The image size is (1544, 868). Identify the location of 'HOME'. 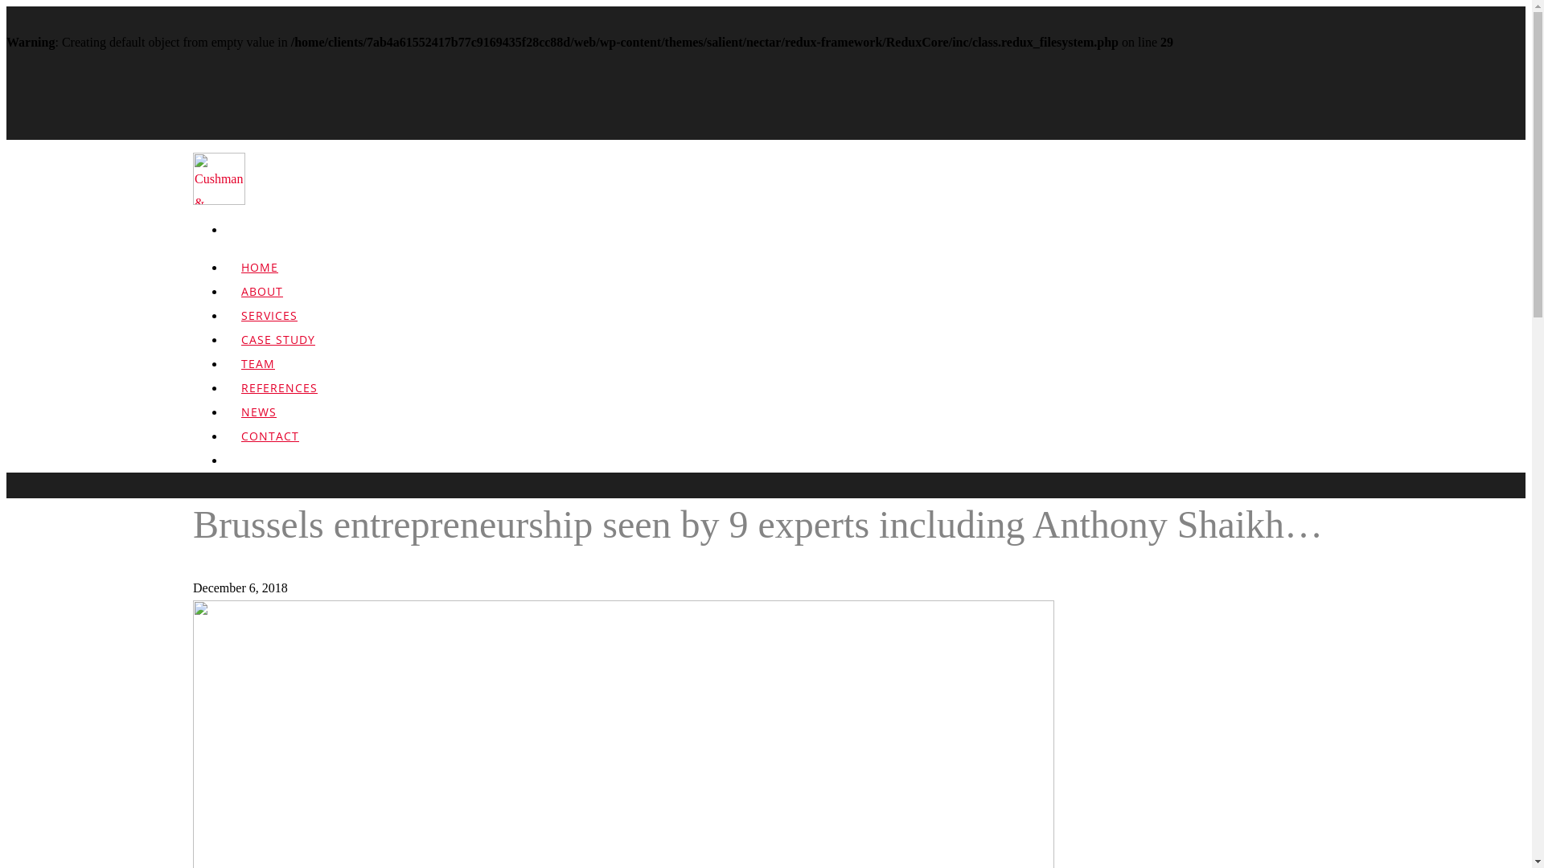
(259, 277).